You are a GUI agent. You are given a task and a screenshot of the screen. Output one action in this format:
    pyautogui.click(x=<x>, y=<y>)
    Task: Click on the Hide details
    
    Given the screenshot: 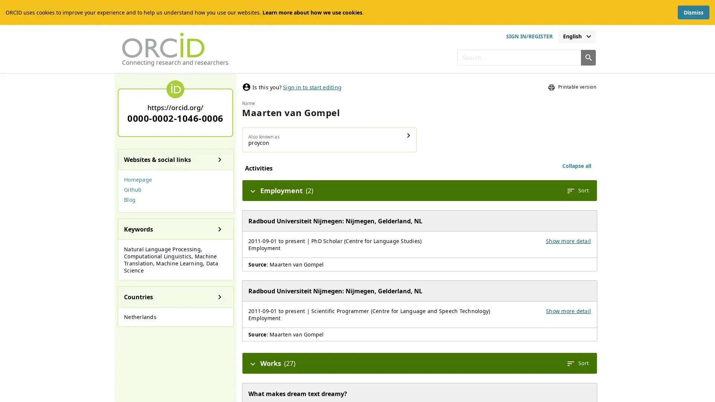 What is the action you would take?
    pyautogui.click(x=252, y=190)
    